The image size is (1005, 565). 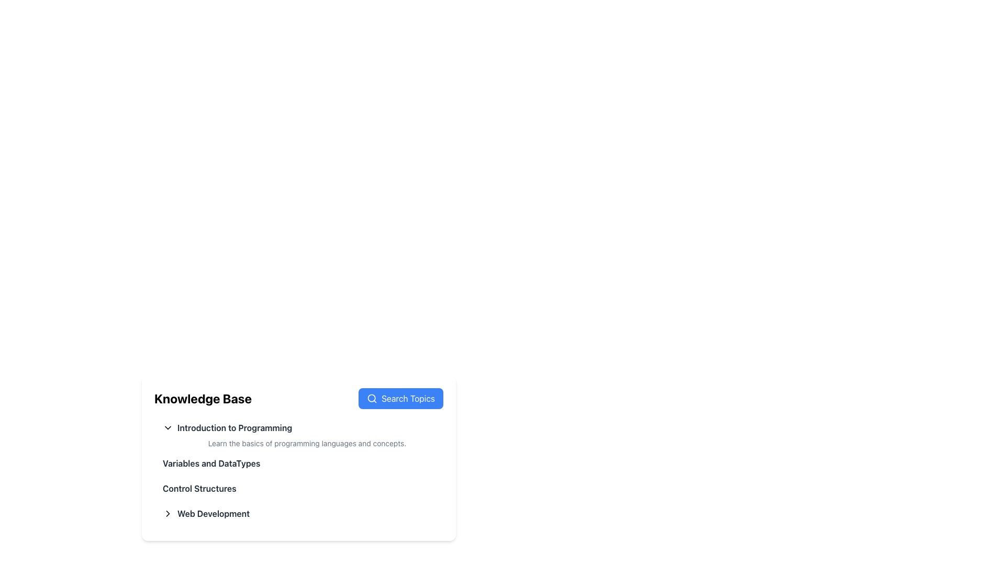 What do you see at coordinates (206, 513) in the screenshot?
I see `the Interactive List Item labeled 'Web Development'` at bounding box center [206, 513].